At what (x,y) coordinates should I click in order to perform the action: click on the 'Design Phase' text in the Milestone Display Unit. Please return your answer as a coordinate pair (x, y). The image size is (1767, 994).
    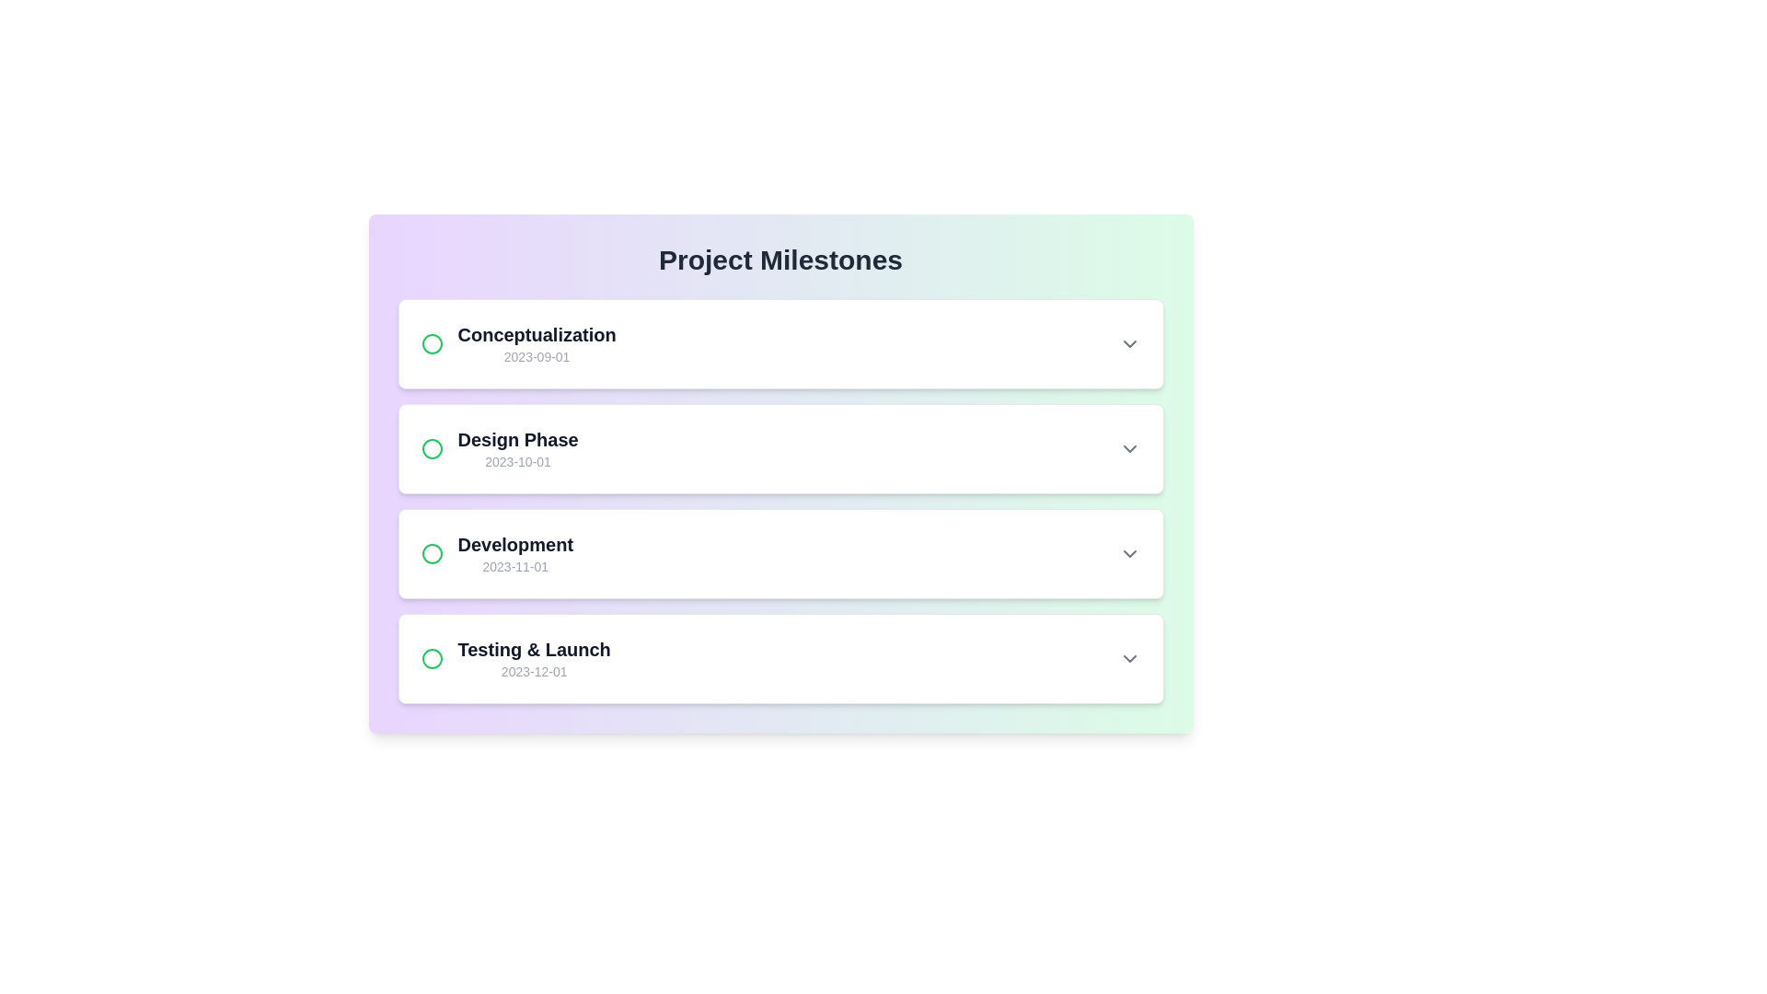
    Looking at the image, I should click on (500, 449).